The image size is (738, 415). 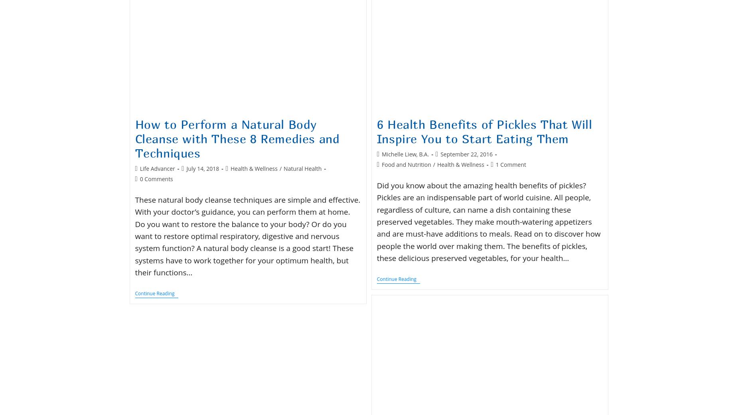 What do you see at coordinates (376, 221) in the screenshot?
I see `'Did you know about the amazing health benefits of pickles? Pickles are an indispensable part of world cuisine. All people, regardless of culture, can name a dish containing these preserved vegetables. They make mouth-watering appetizers and are must-have additions to meals. Read on to discover how people the world over making them. The benefits of pickles, these delicious preserved vegetables, for your health…'` at bounding box center [376, 221].